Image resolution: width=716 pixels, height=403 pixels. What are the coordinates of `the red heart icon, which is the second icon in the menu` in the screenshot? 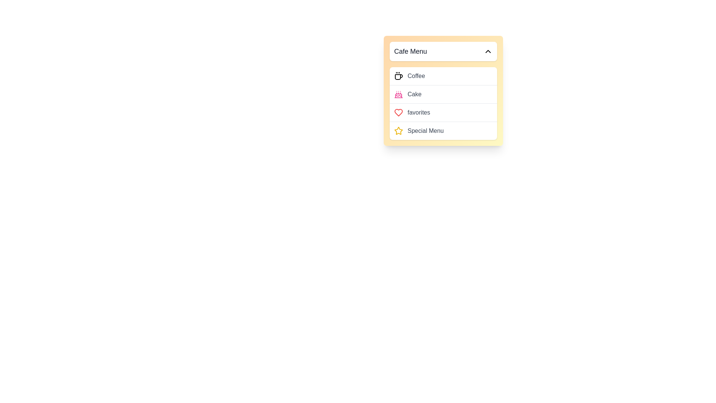 It's located at (398, 112).